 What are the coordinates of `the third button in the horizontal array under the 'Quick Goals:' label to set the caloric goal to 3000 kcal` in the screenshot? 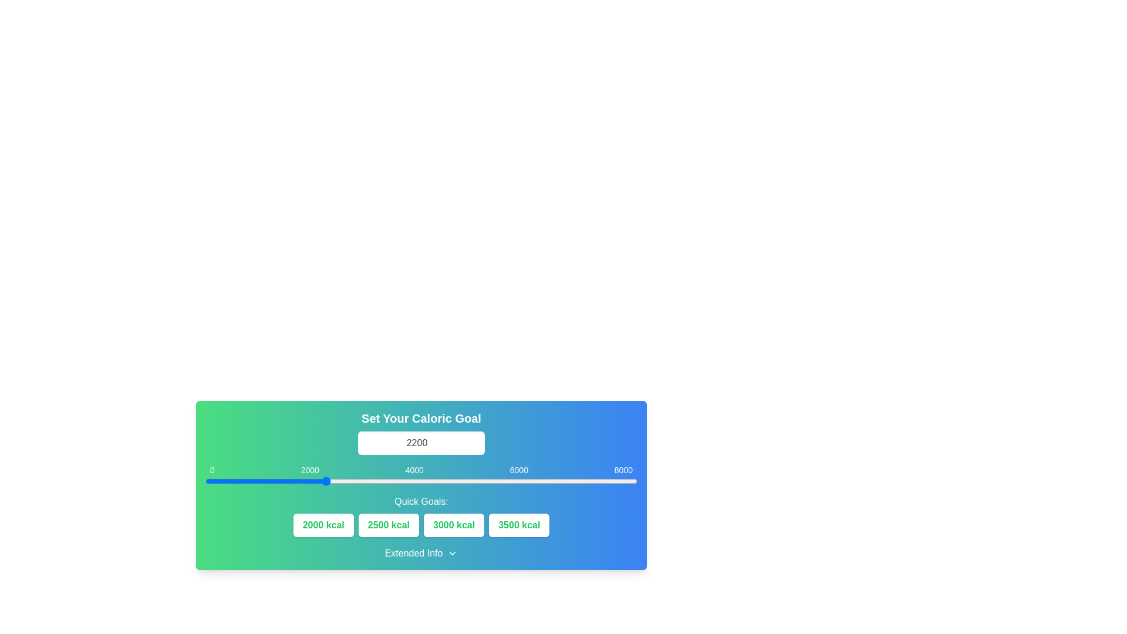 It's located at (453, 524).